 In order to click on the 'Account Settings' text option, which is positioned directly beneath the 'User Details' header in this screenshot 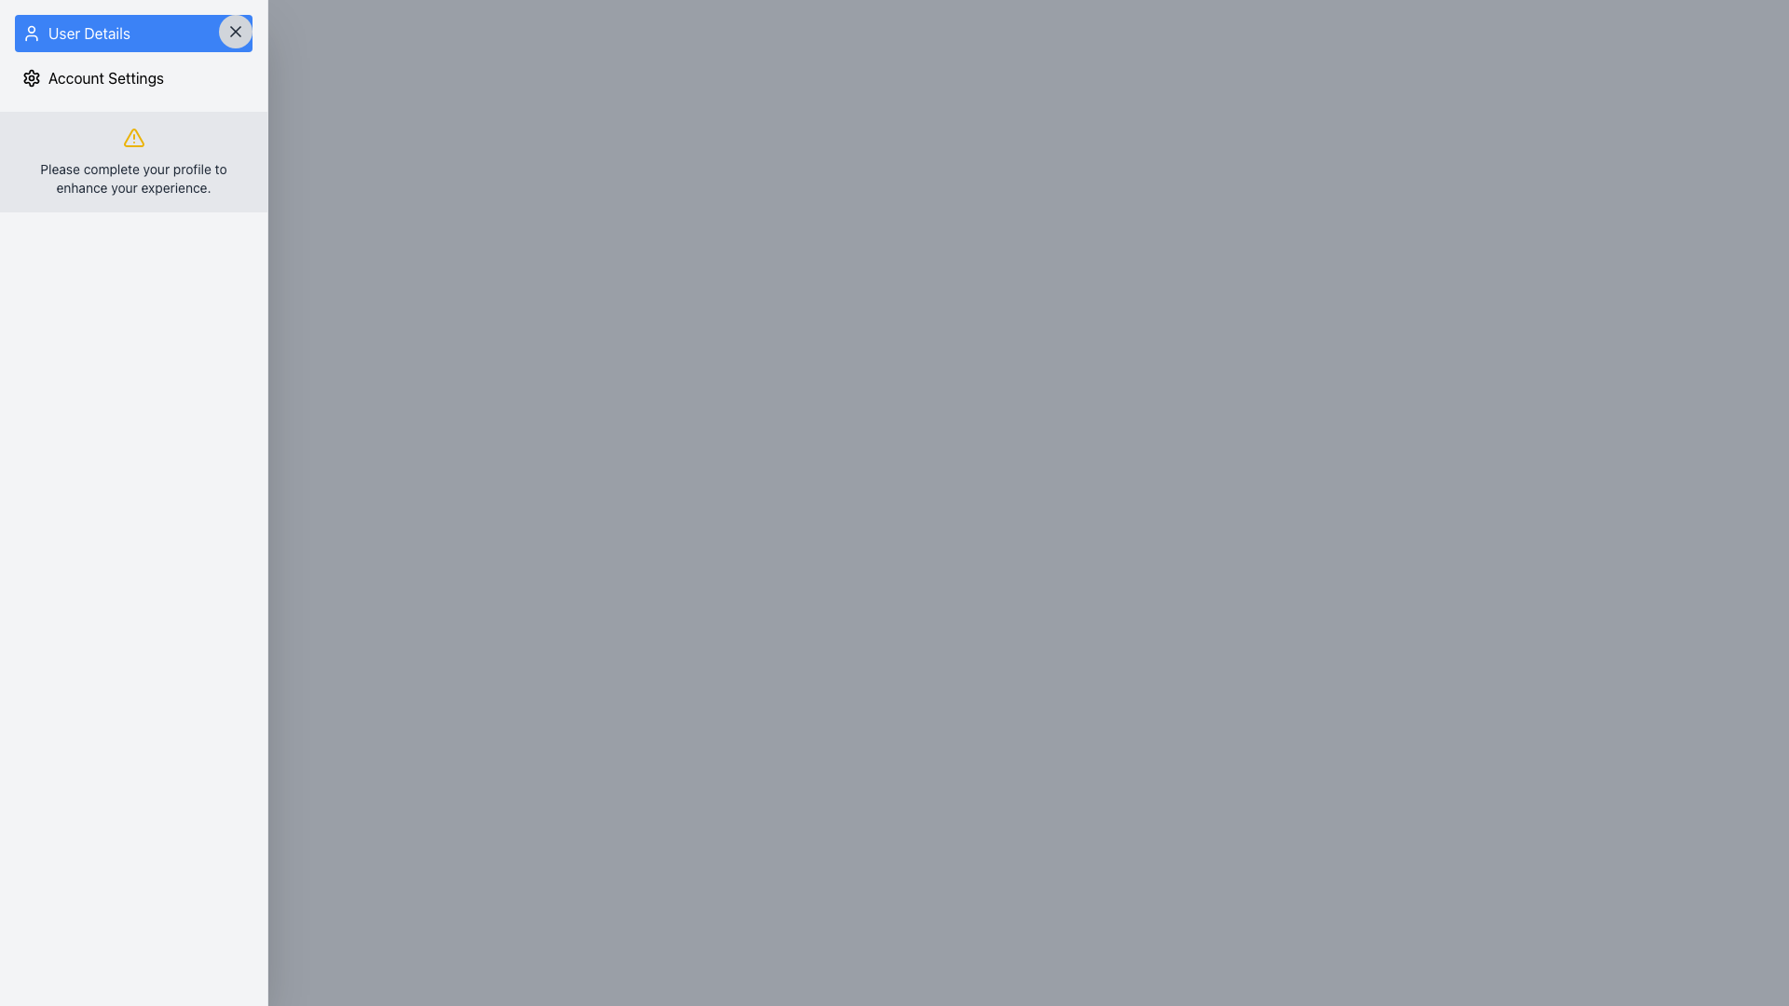, I will do `click(132, 77)`.